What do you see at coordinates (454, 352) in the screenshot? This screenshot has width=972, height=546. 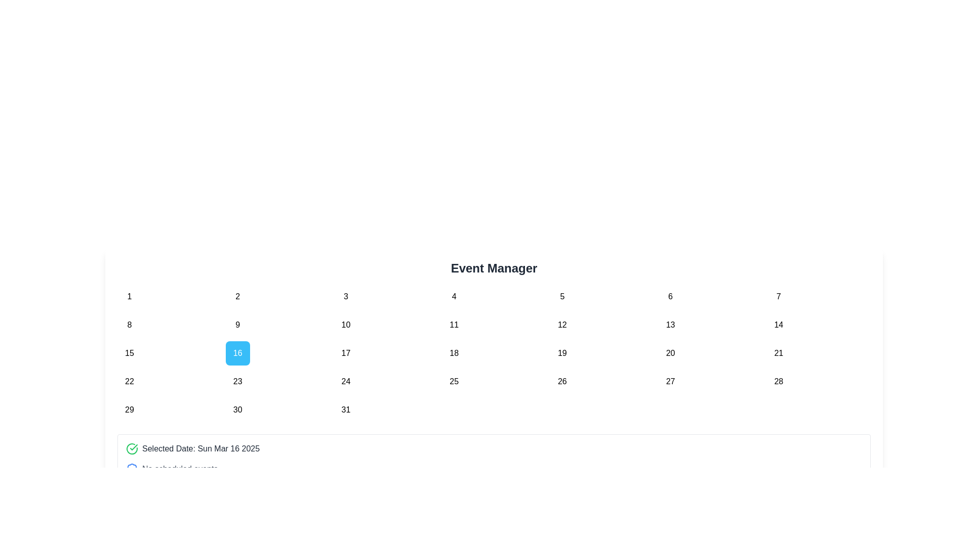 I see `the button representing the day '18' in the calendar view` at bounding box center [454, 352].